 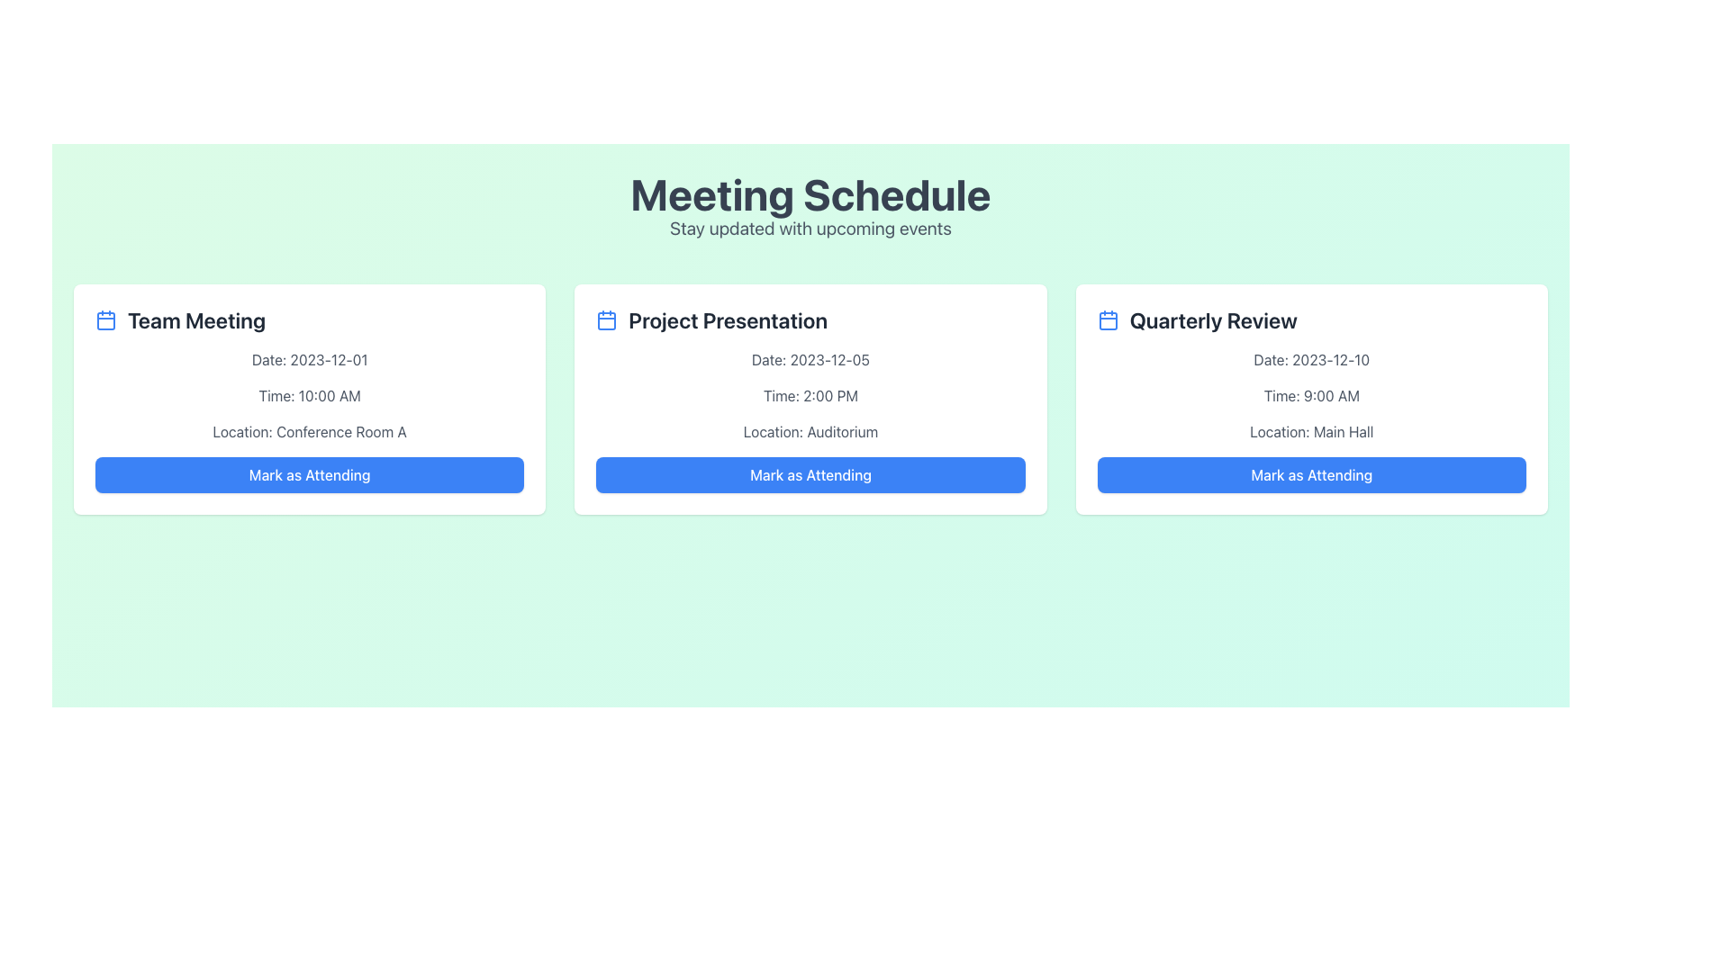 What do you see at coordinates (105, 319) in the screenshot?
I see `the calendar icon with a blue outline and white fill located to the left of the 'Team Meeting' text in the header section of the event card` at bounding box center [105, 319].